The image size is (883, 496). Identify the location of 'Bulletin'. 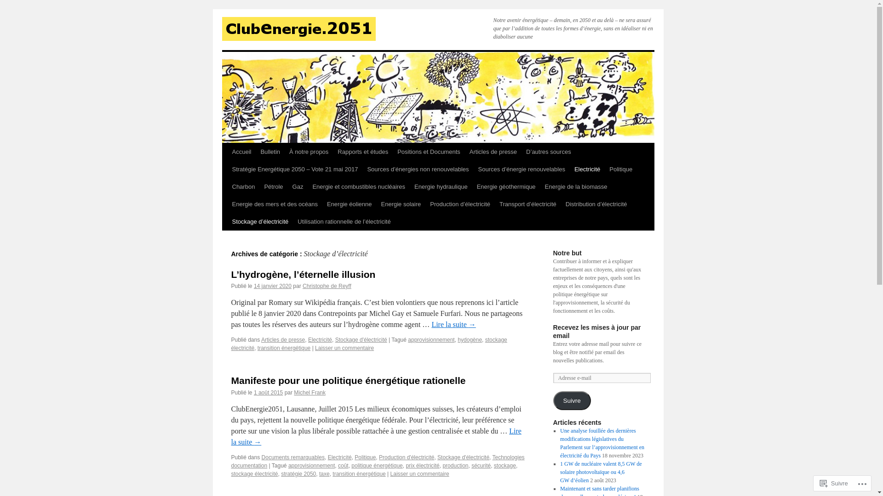
(269, 152).